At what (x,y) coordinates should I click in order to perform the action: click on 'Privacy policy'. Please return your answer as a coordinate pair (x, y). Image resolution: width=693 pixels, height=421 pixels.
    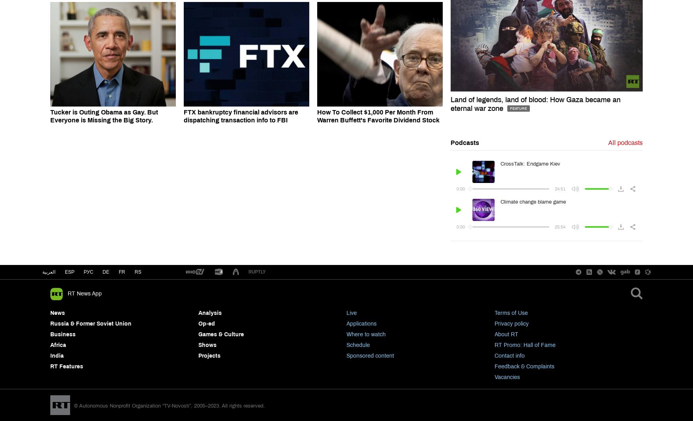
    Looking at the image, I should click on (511, 323).